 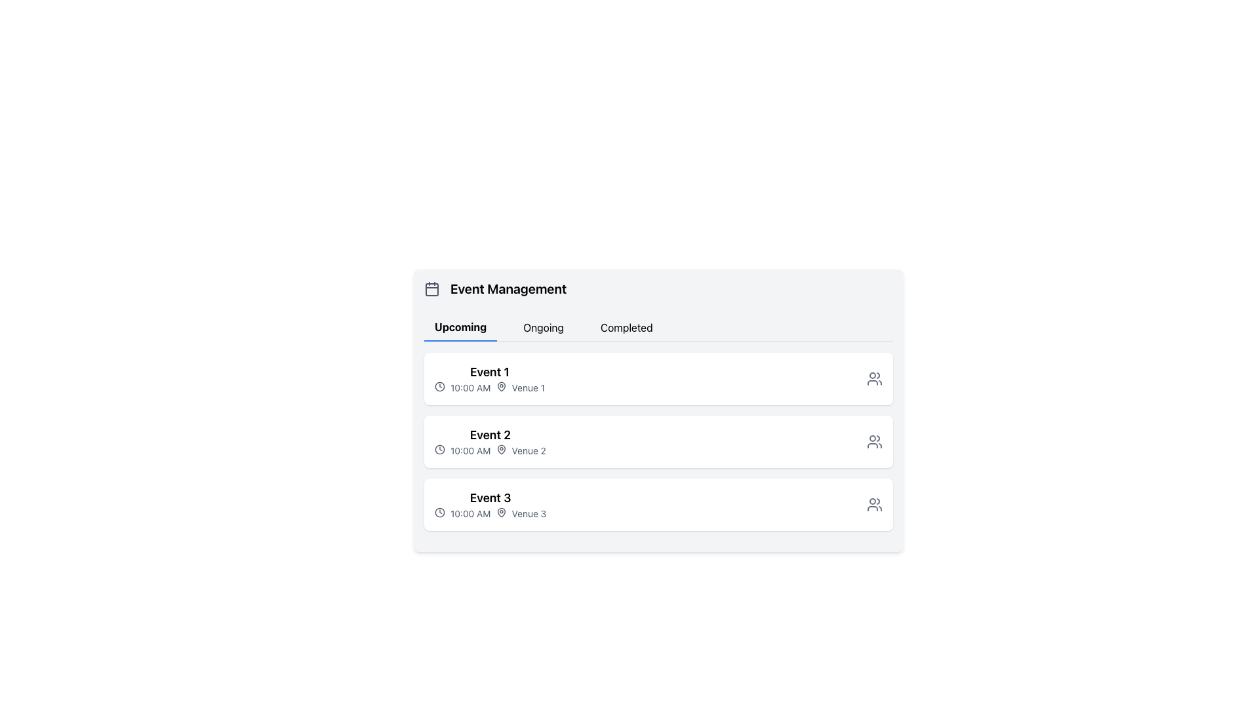 I want to click on the miniature clock icon located at the far-left side of the entry for 'Event 1' in the 'Upcoming' tab, which precedes the text '10:00 AM Venue 1', so click(x=440, y=386).